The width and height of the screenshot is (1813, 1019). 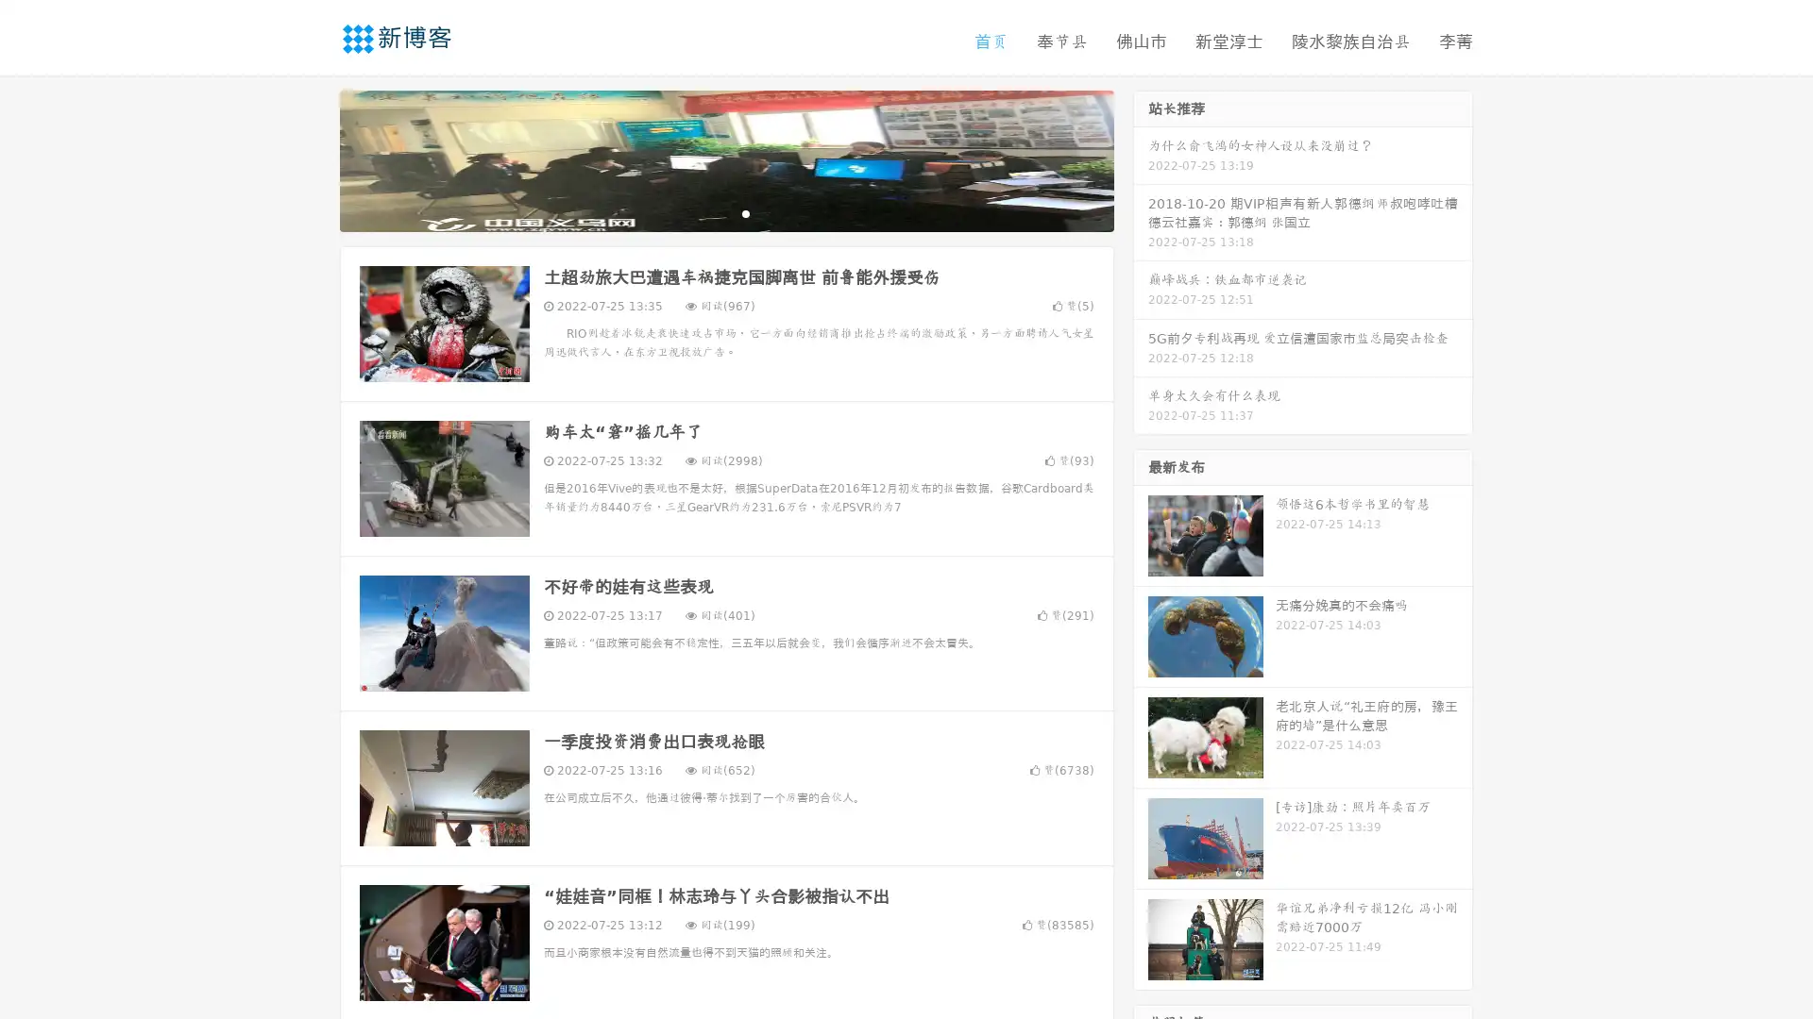 What do you see at coordinates (1141, 159) in the screenshot?
I see `Next slide` at bounding box center [1141, 159].